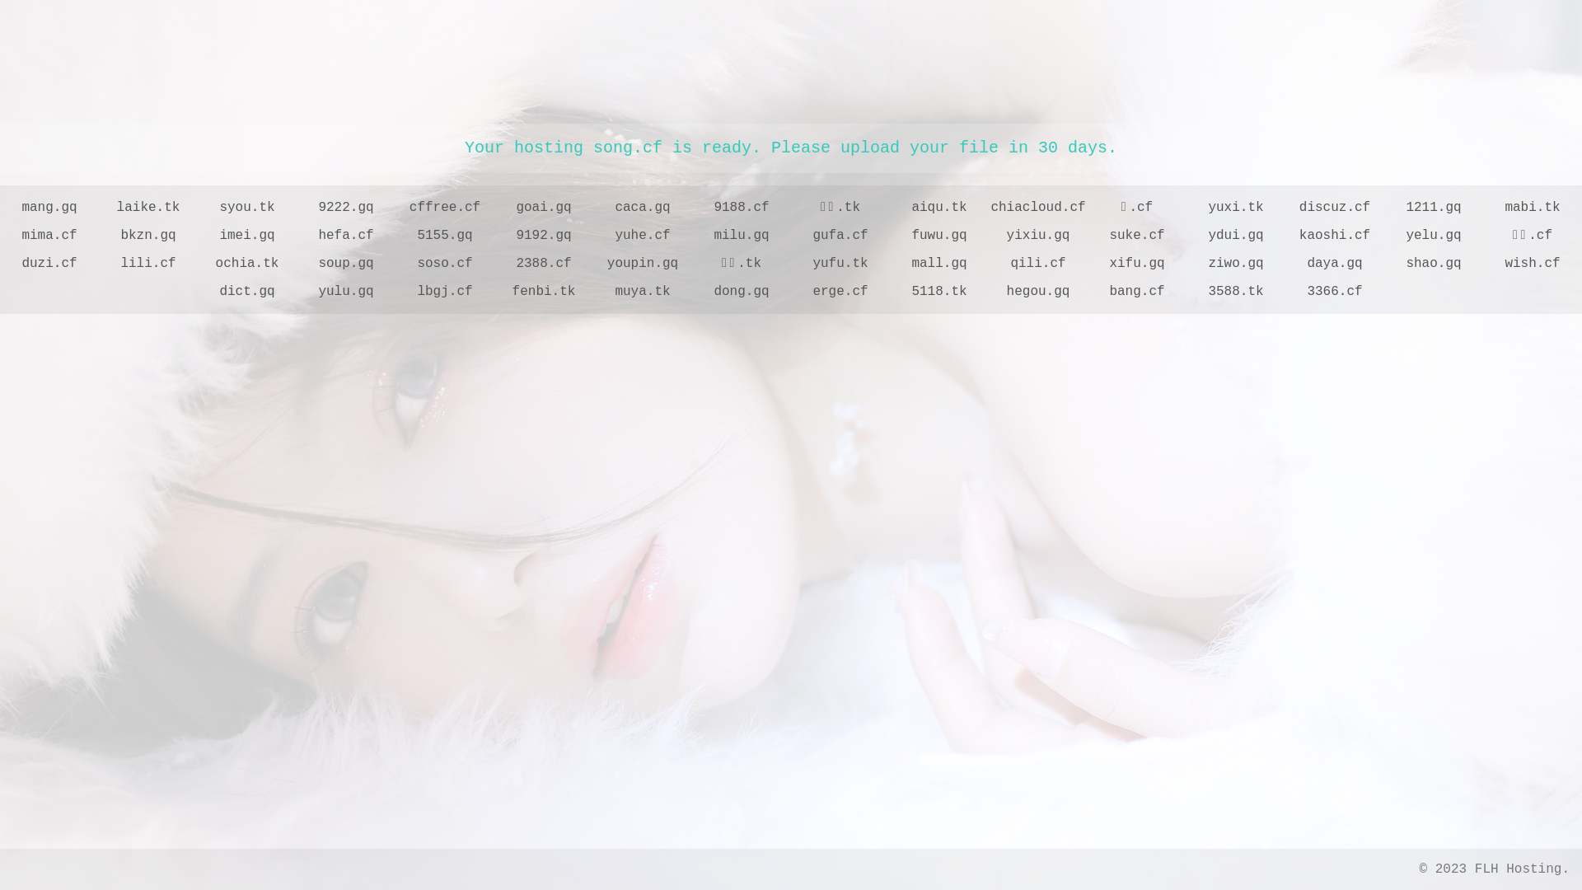 The height and width of the screenshot is (890, 1582). I want to click on 'aiqu.tk', so click(889, 206).